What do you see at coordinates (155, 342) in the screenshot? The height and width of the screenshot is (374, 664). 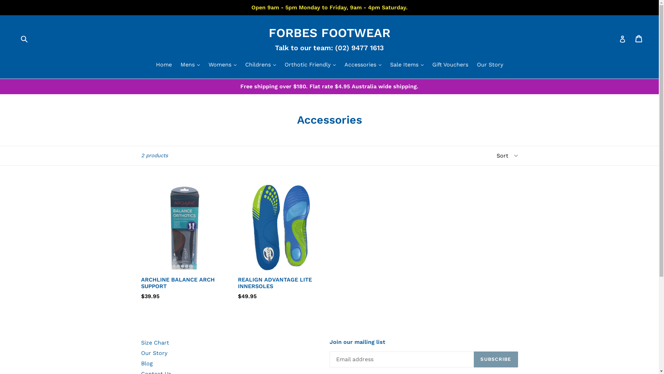 I see `'Size Chart'` at bounding box center [155, 342].